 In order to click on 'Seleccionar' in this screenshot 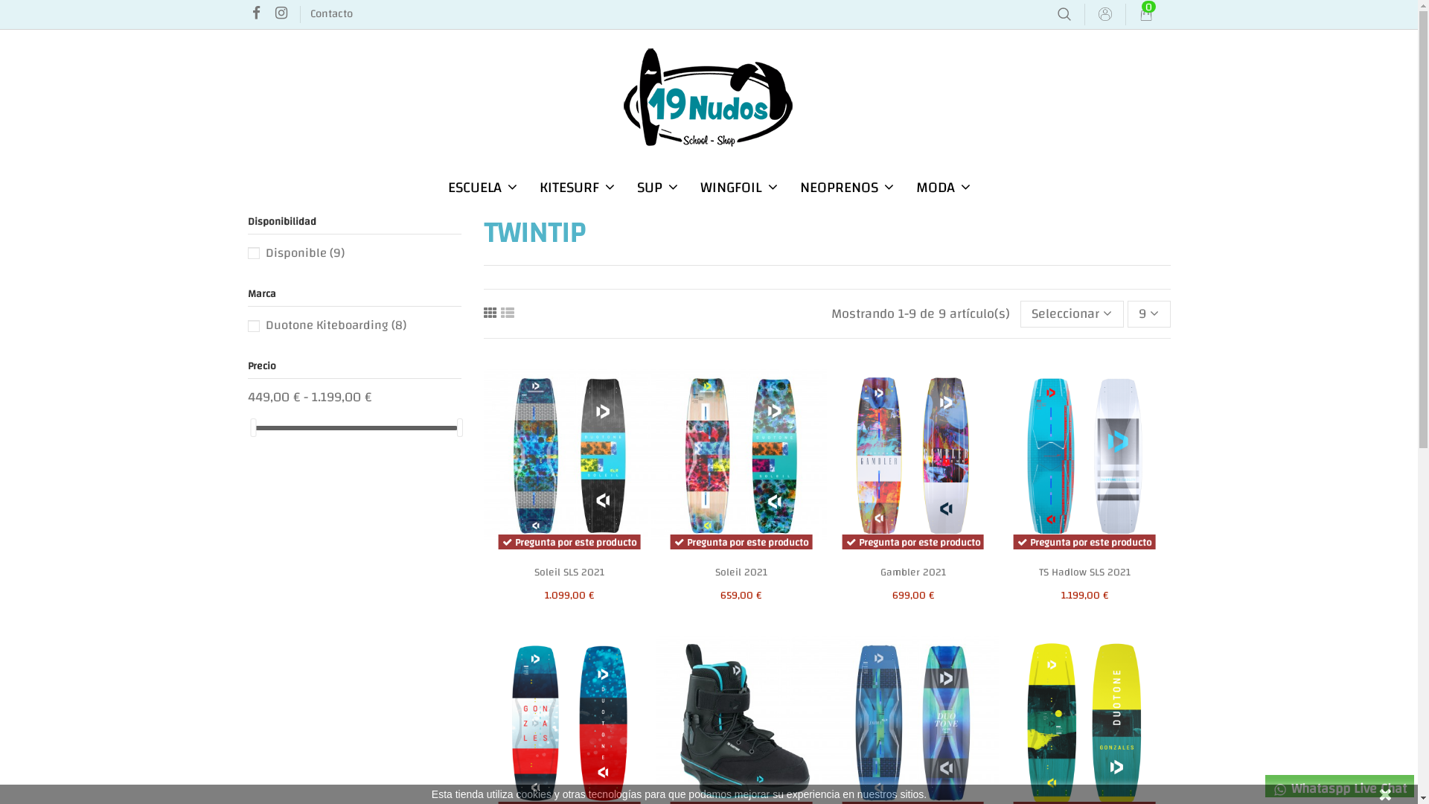, I will do `click(1020, 313)`.